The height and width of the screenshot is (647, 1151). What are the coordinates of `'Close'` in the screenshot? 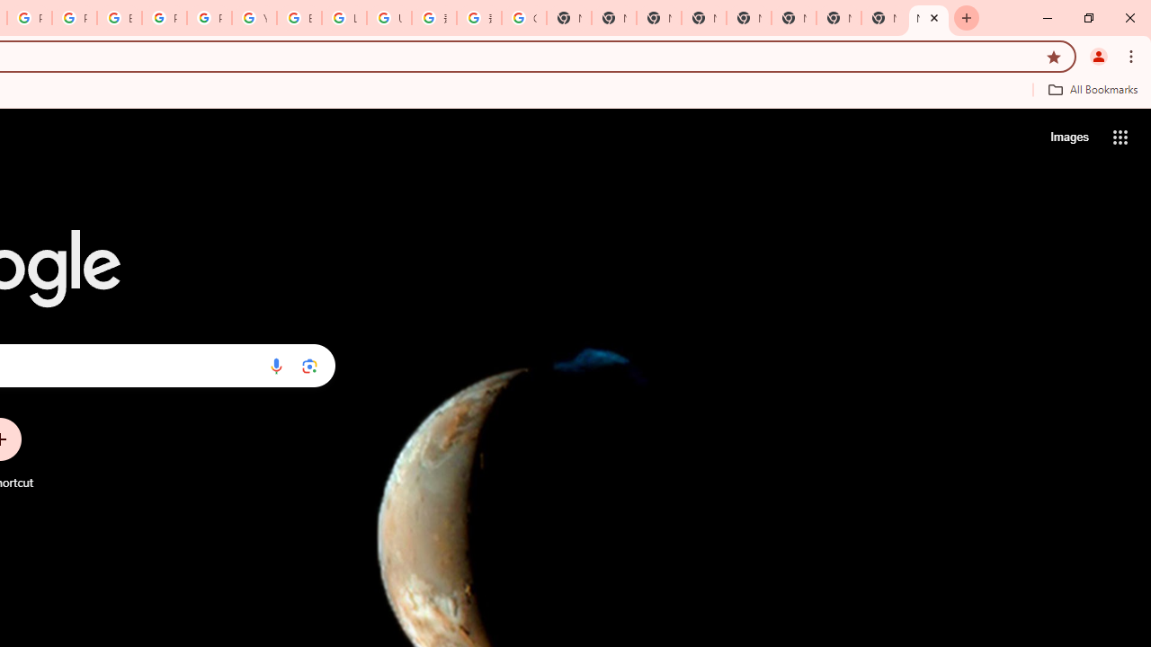 It's located at (934, 17).